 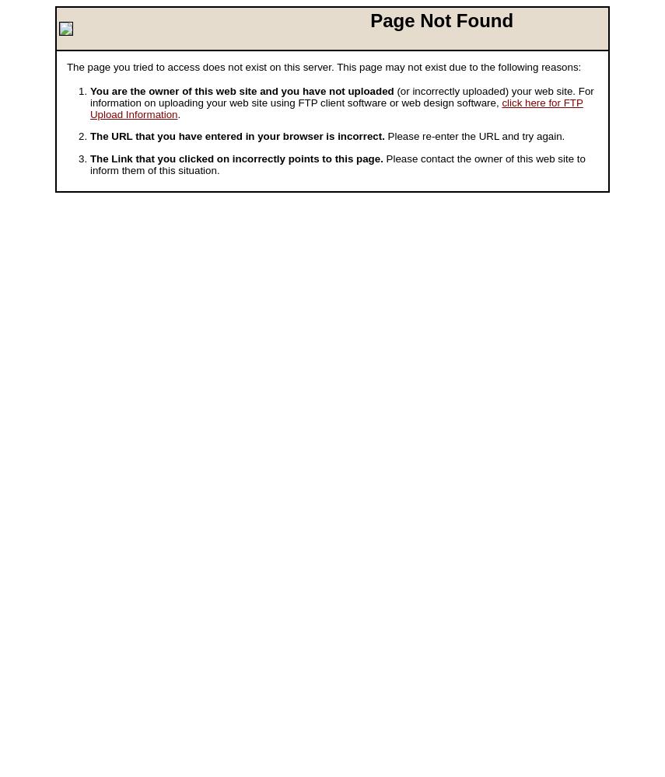 I want to click on 'The page you tried to access does not exist on this server. This 
page may not exist due to the following reasons:', so click(x=323, y=65).